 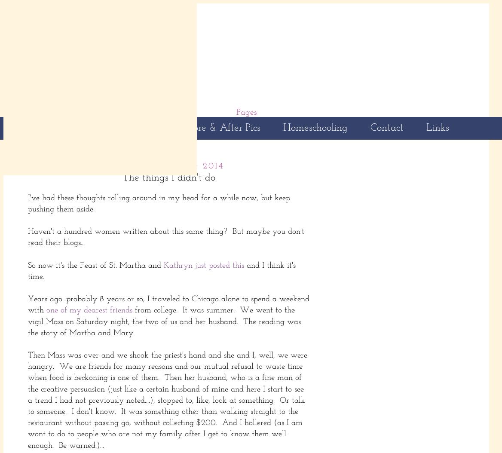 I want to click on 'Before & After Pics', so click(x=220, y=127).